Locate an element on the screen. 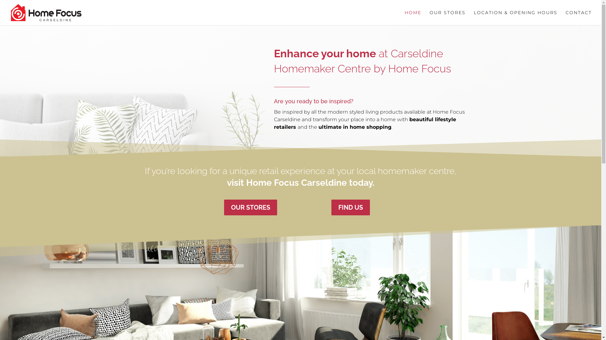 The height and width of the screenshot is (340, 606). 'CONTACT' is located at coordinates (565, 17).